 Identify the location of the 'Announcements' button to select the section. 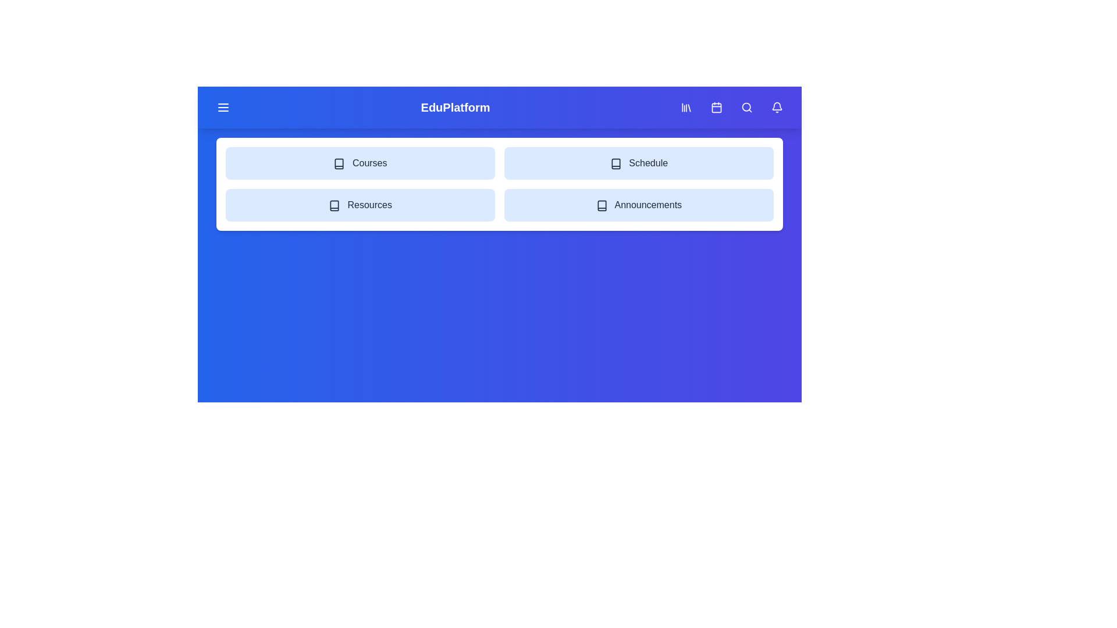
(638, 205).